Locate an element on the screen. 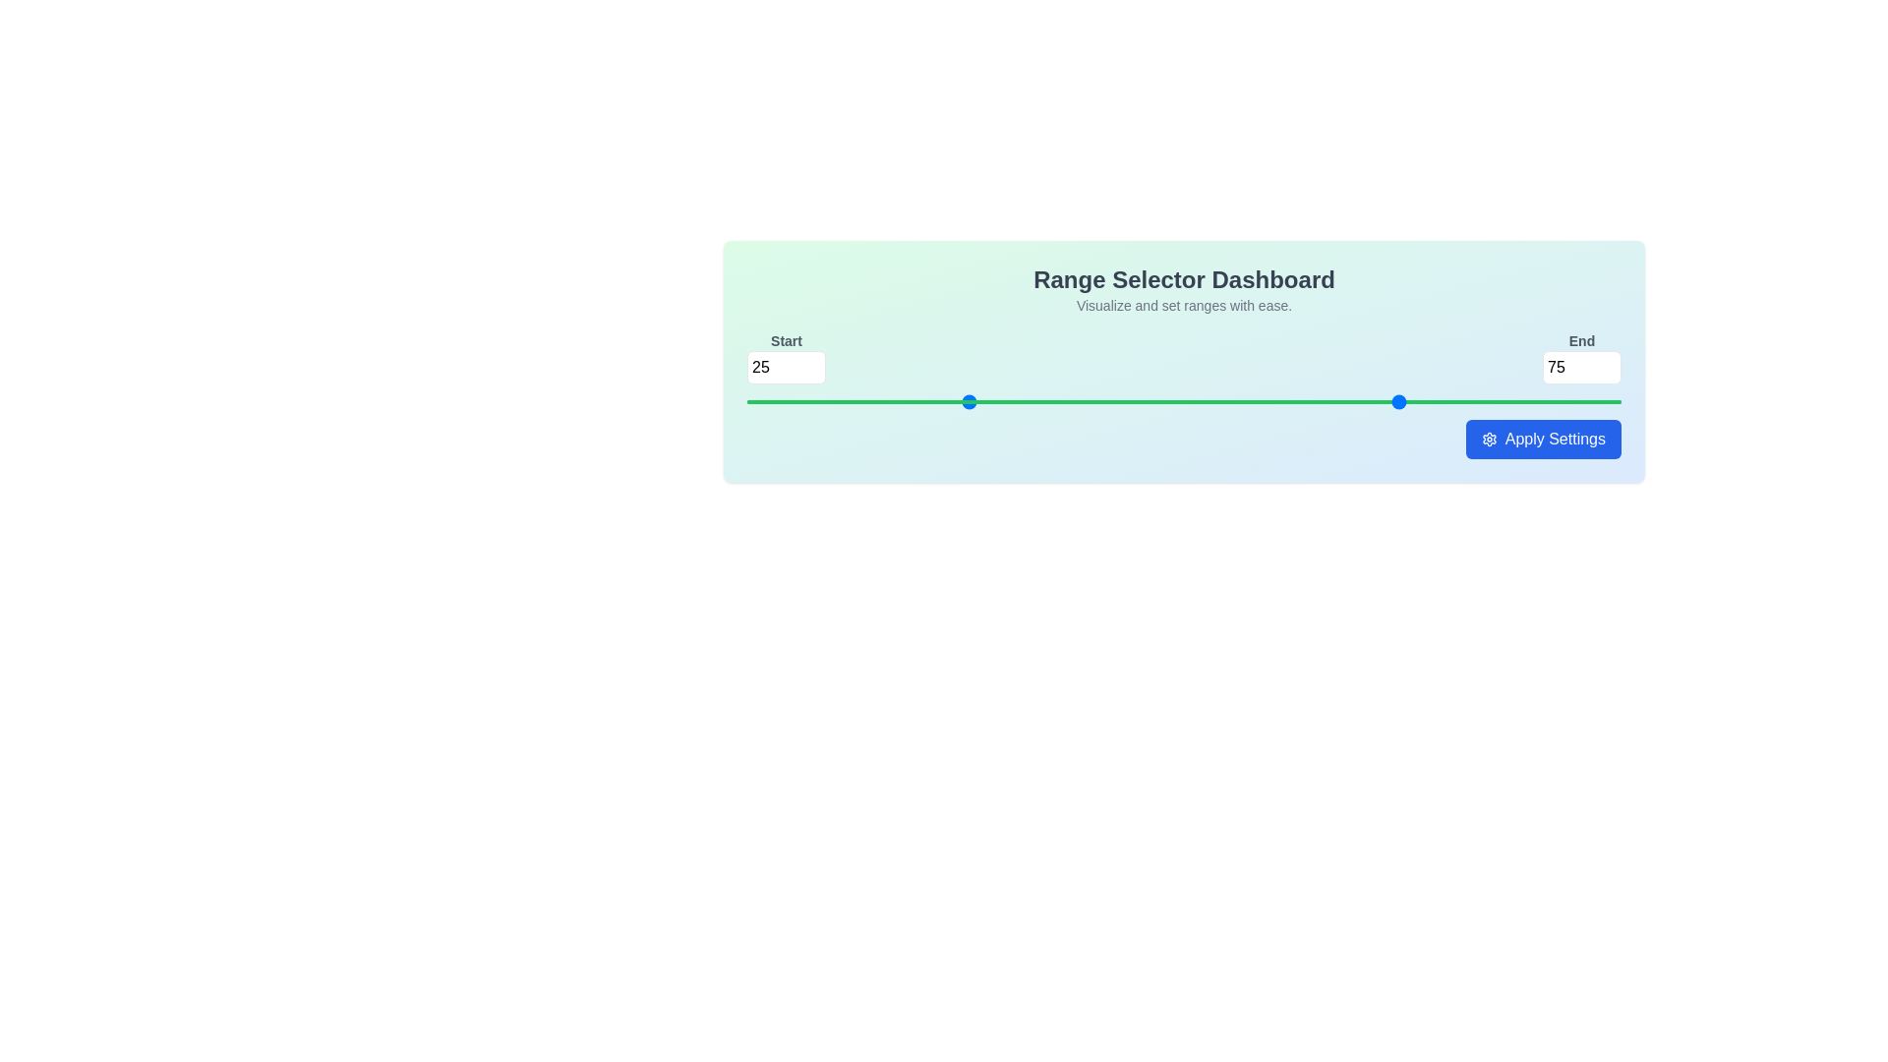 The height and width of the screenshot is (1062, 1888). the interactive numerical input box for the starting value of the range selection to focus on it is located at coordinates (787, 357).